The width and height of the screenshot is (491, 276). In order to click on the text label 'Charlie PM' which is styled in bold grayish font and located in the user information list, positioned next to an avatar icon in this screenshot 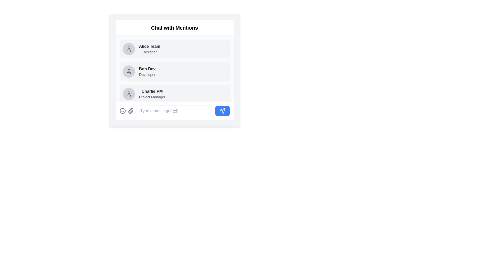, I will do `click(152, 91)`.